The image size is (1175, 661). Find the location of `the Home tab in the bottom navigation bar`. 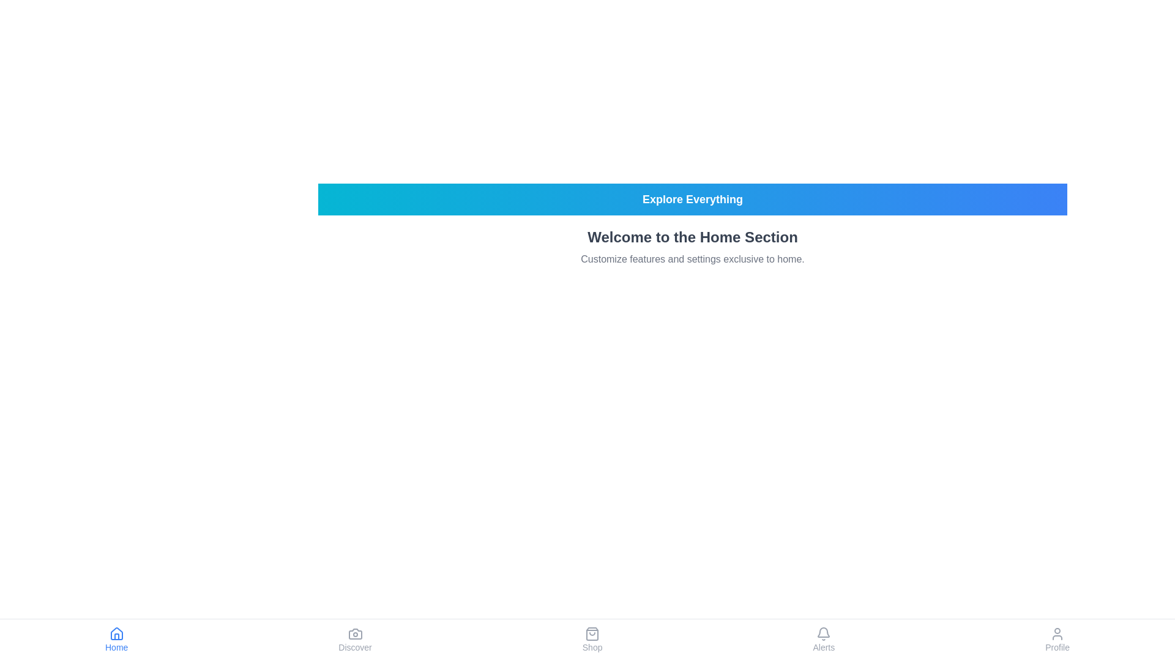

the Home tab in the bottom navigation bar is located at coordinates (116, 639).